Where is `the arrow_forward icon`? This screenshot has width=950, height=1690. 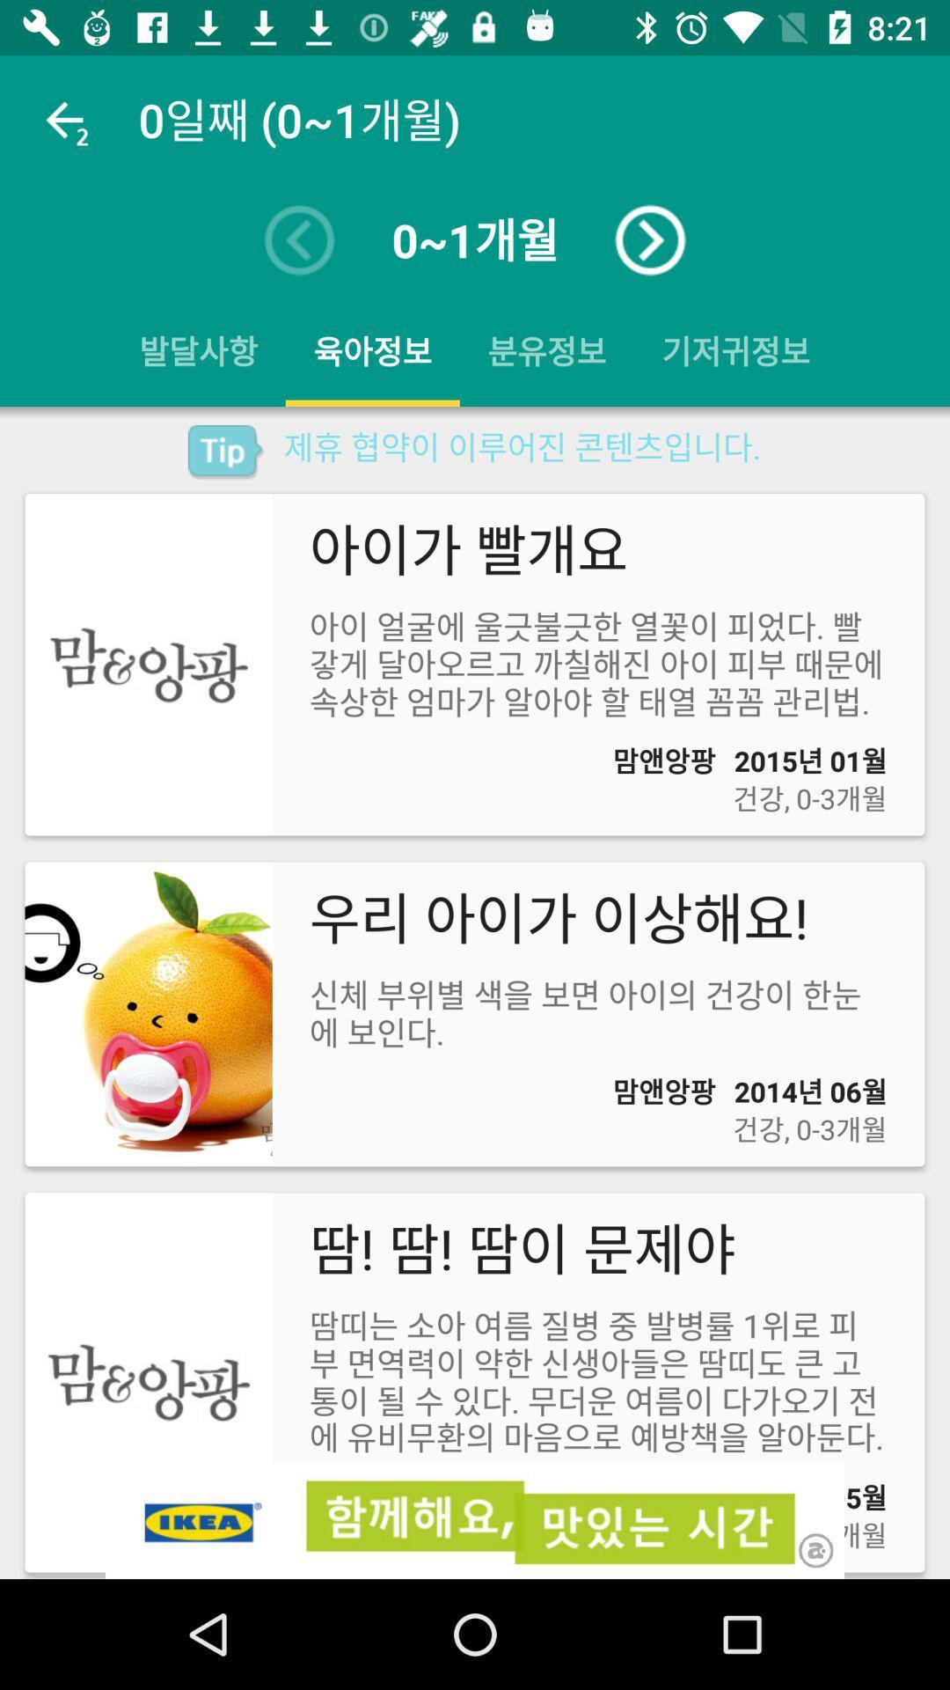
the arrow_forward icon is located at coordinates (650, 239).